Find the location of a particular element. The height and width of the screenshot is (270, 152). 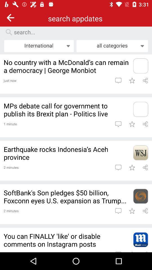

the item next to all categories icon is located at coordinates (39, 46).